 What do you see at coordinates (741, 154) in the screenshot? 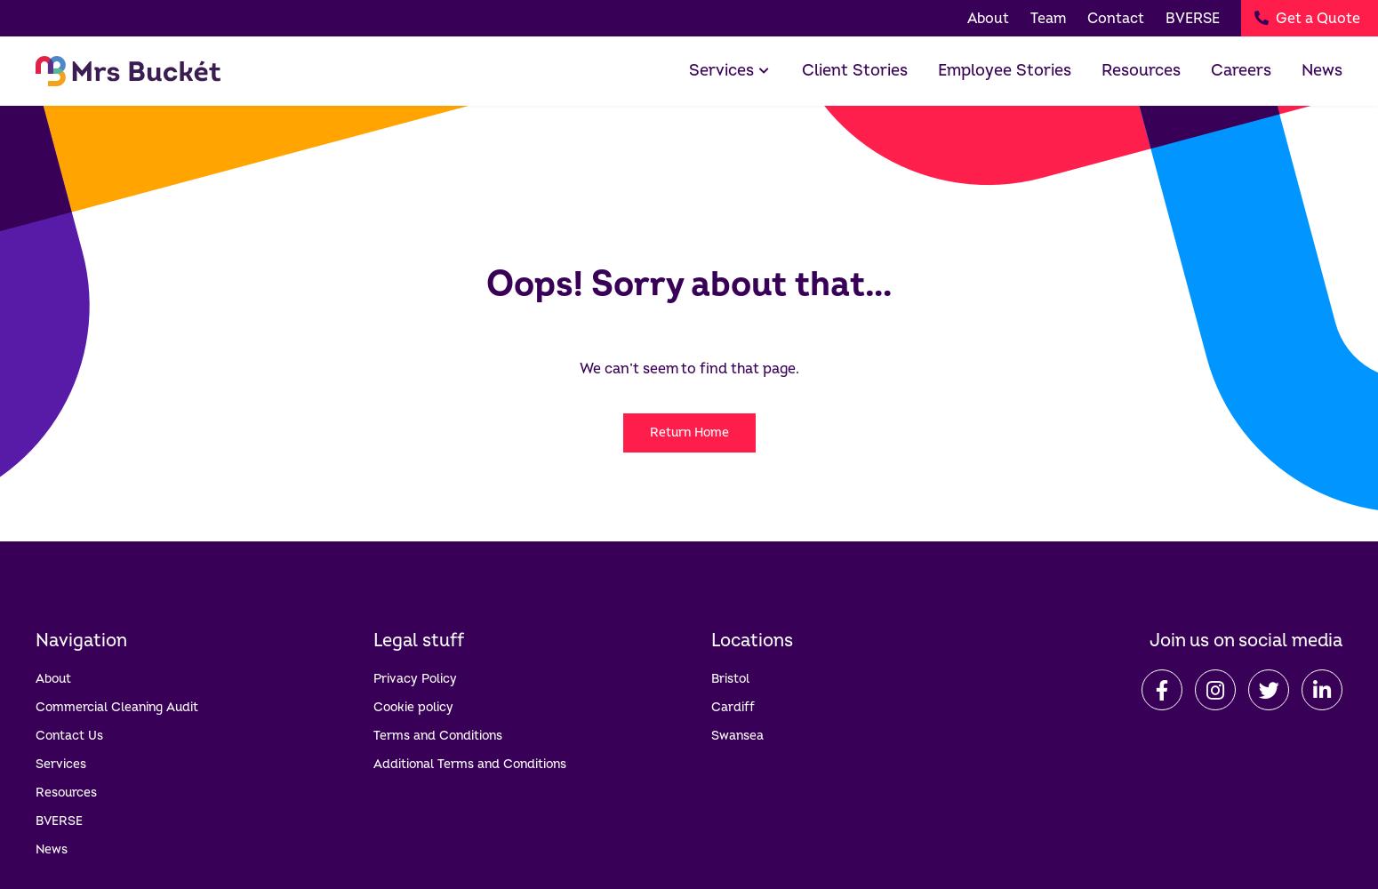
I see `'Sectors'` at bounding box center [741, 154].